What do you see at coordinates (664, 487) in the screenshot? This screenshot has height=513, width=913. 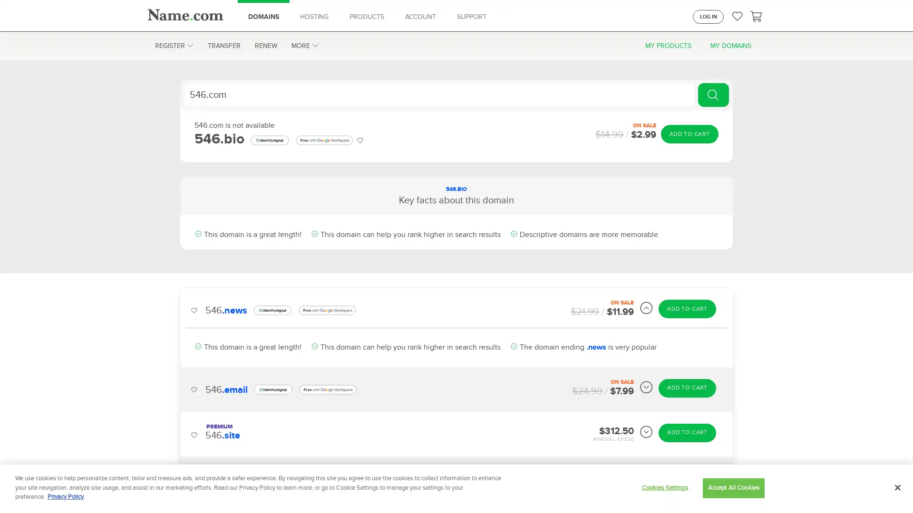 I see `Cookies Settings` at bounding box center [664, 487].